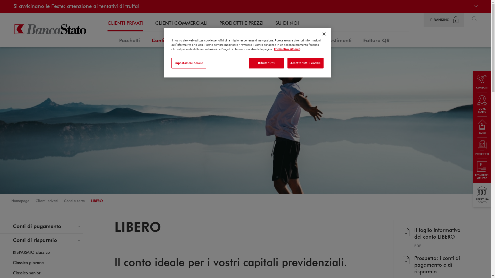  What do you see at coordinates (473, 148) in the screenshot?
I see `'PROSPETTI'` at bounding box center [473, 148].